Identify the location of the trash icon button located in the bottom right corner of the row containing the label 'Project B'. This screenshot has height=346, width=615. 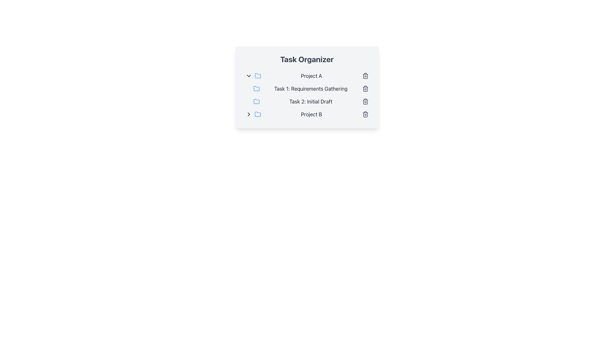
(365, 114).